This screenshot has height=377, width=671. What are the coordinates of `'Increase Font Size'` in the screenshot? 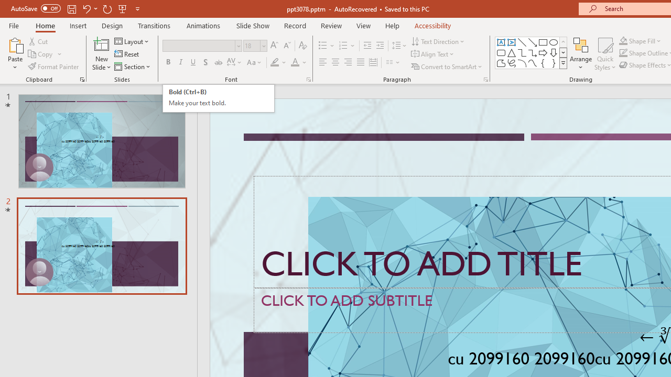 It's located at (274, 45).